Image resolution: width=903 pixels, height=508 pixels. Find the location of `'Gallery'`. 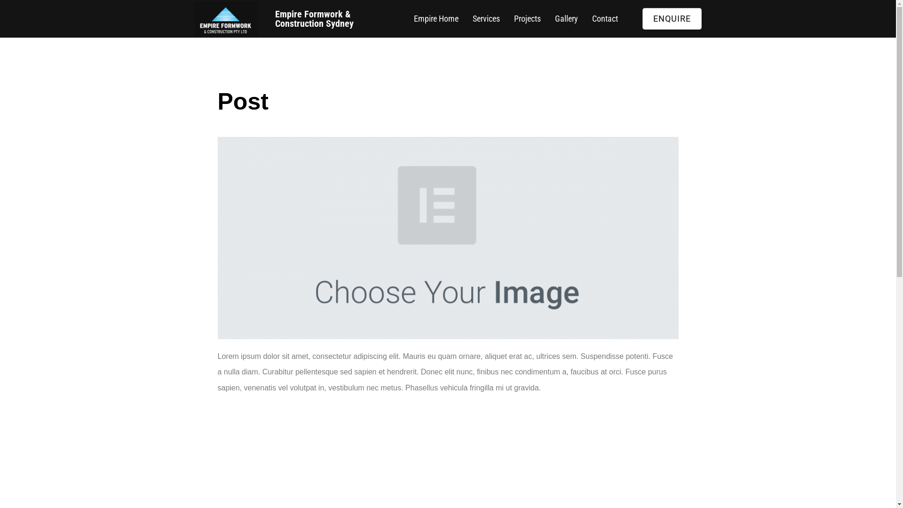

'Gallery' is located at coordinates (566, 18).